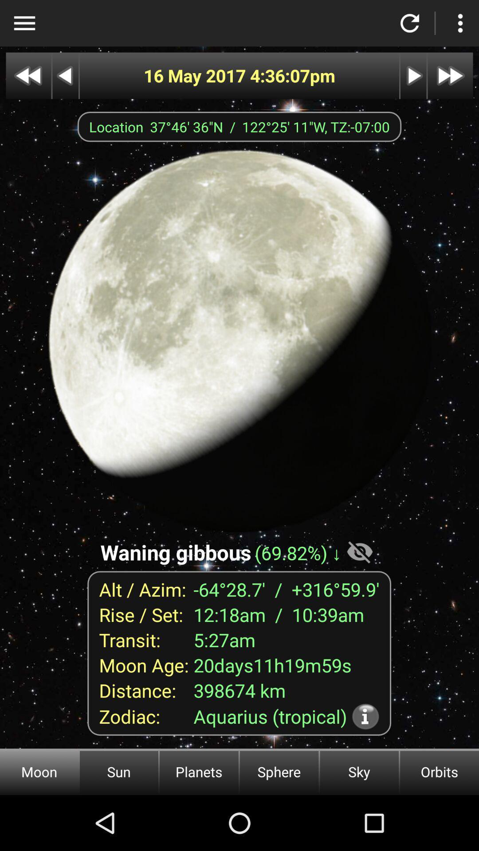  I want to click on go back, so click(28, 76).